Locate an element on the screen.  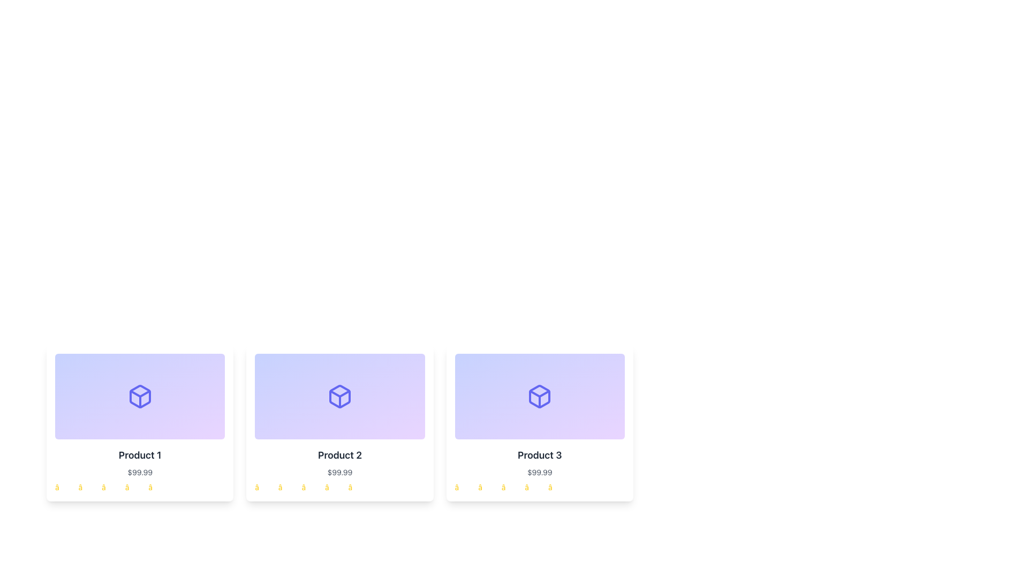
the cube-shaped icon with a gradient purple background, located in the middle of the first card in a horizontally aligned layout of three cards is located at coordinates (139, 396).